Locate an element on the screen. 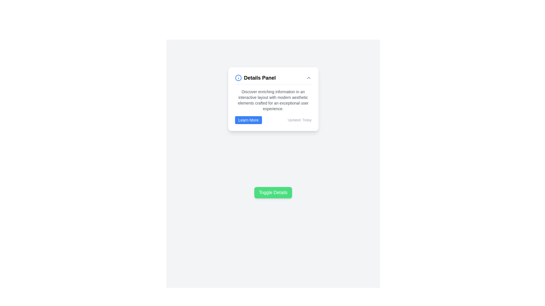  the 'Details Panel' header which includes a bold text and icons is located at coordinates (273, 79).